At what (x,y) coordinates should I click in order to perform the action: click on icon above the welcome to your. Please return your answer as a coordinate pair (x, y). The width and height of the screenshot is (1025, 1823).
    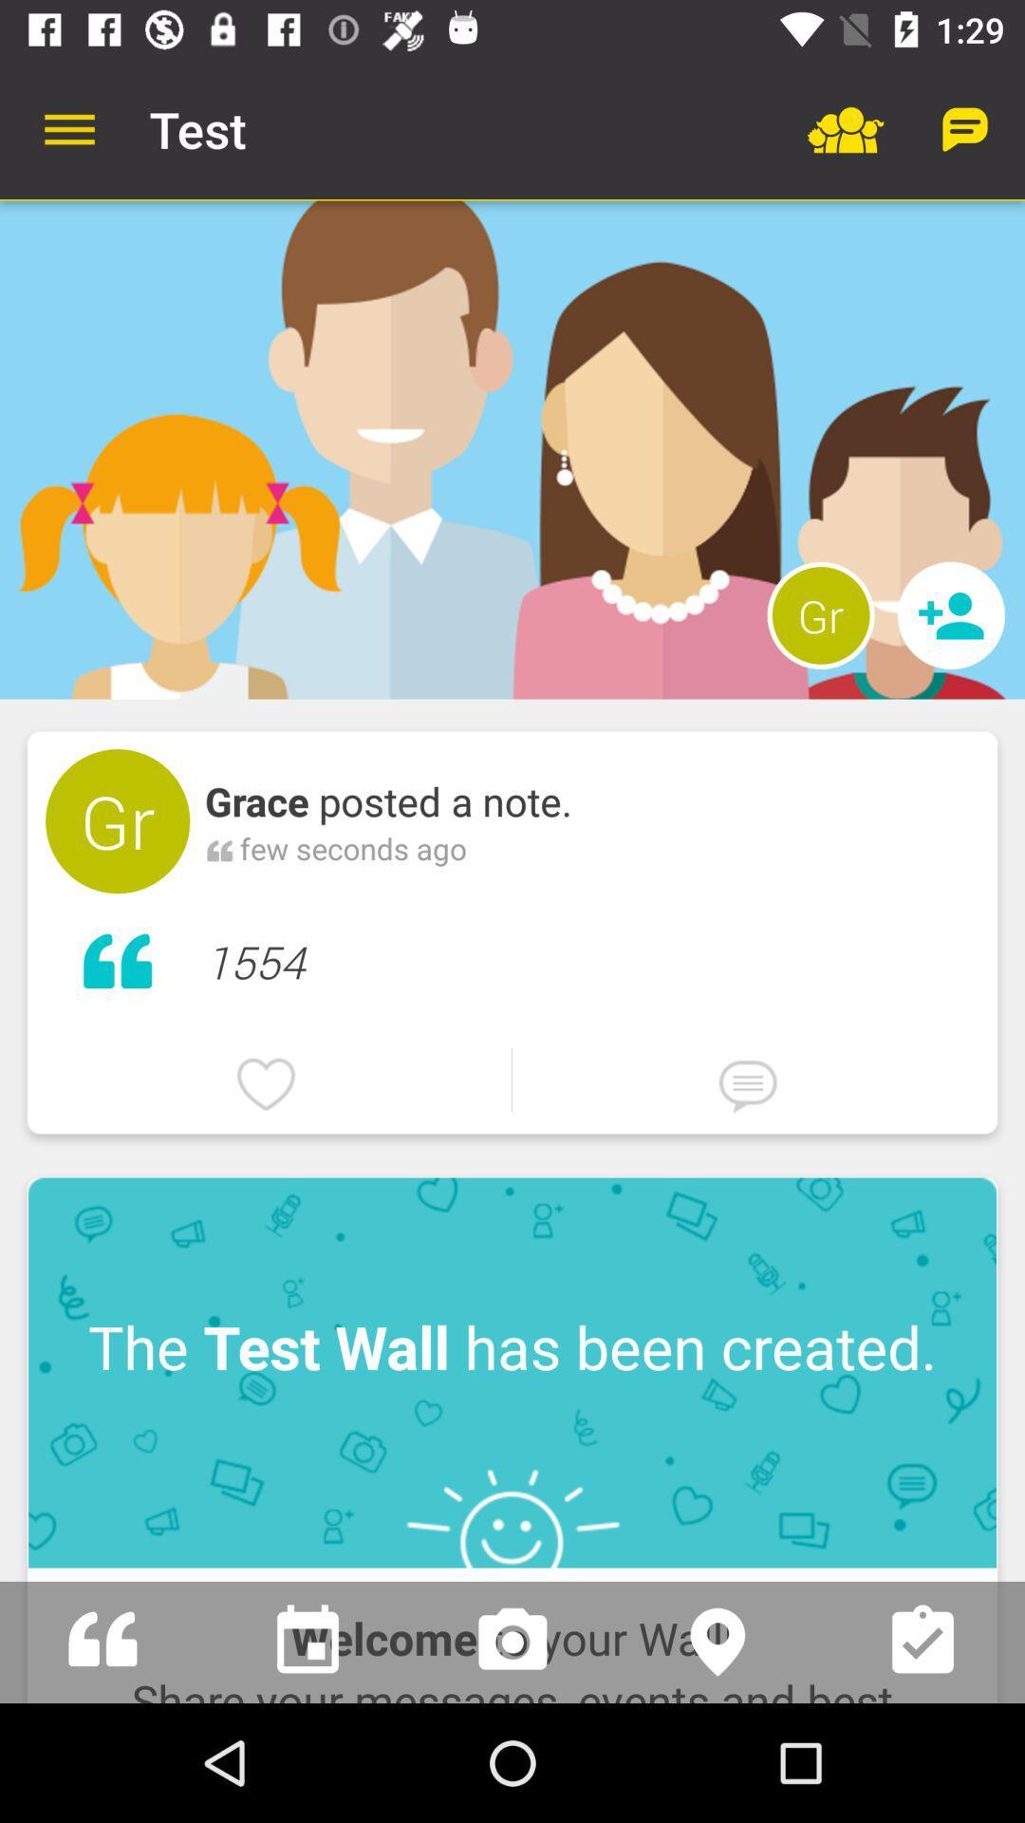
    Looking at the image, I should click on (512, 1372).